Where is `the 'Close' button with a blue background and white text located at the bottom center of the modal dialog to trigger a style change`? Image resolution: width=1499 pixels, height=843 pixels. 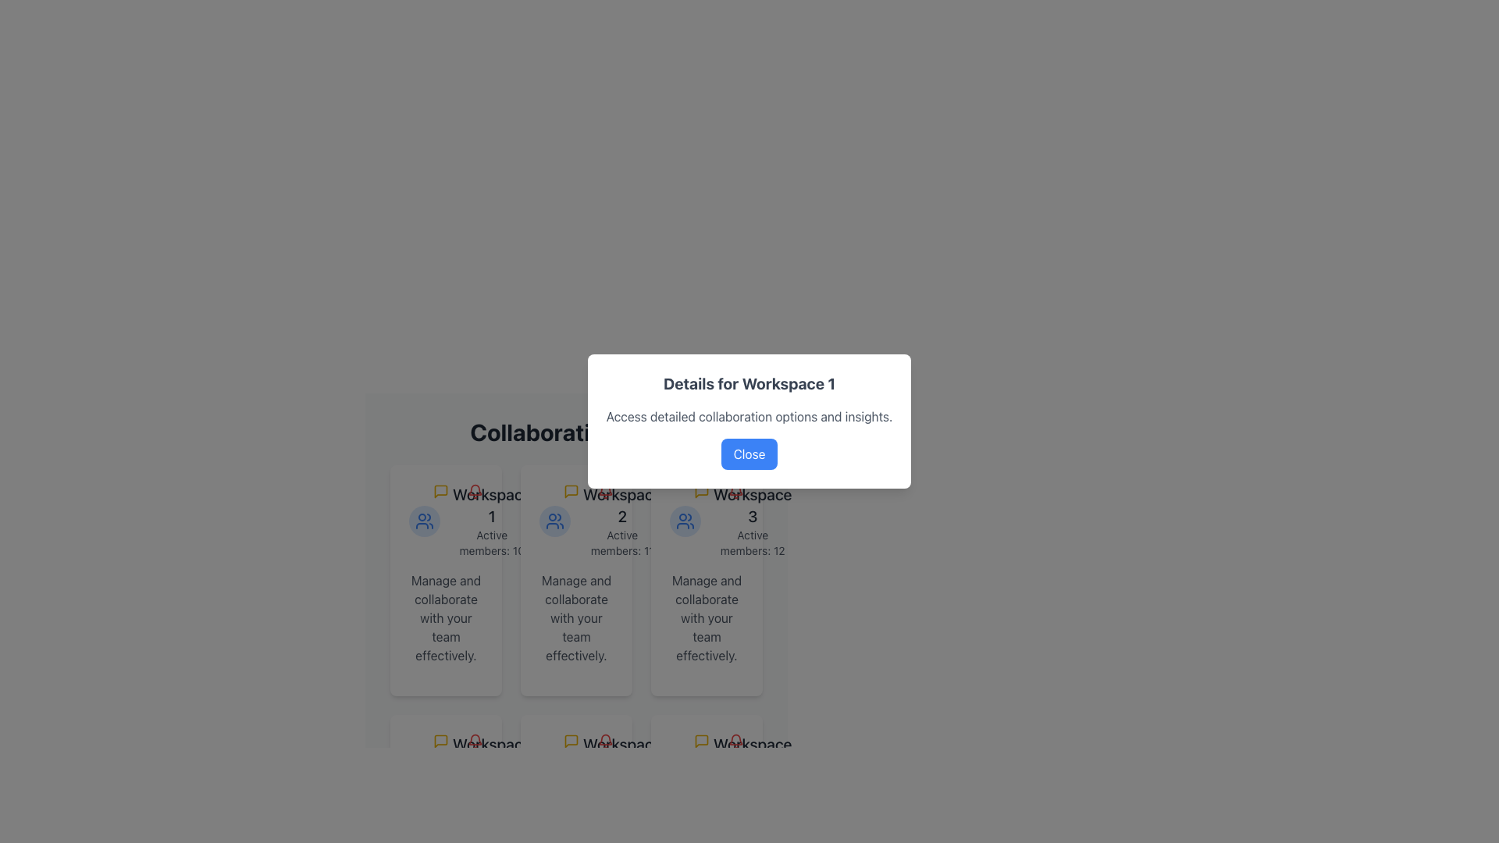
the 'Close' button with a blue background and white text located at the bottom center of the modal dialog to trigger a style change is located at coordinates (749, 454).